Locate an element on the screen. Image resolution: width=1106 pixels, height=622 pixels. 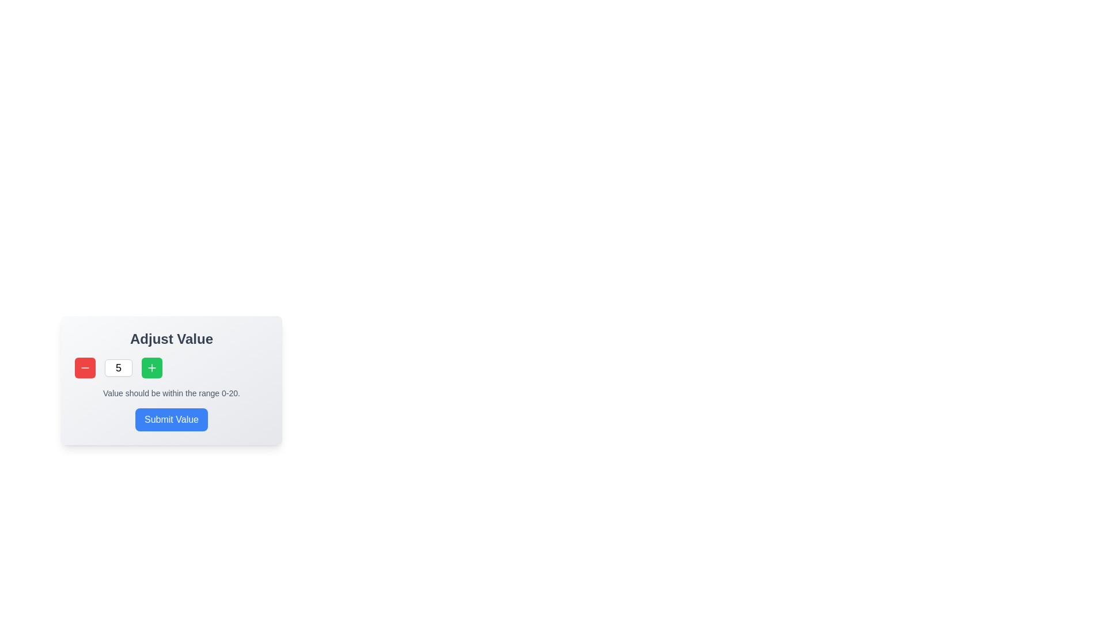
the 'Submit Value' button, which is a large rectangular button with rounded corners, featuring white text on a blue background that changes shade when hovered over is located at coordinates (171, 420).